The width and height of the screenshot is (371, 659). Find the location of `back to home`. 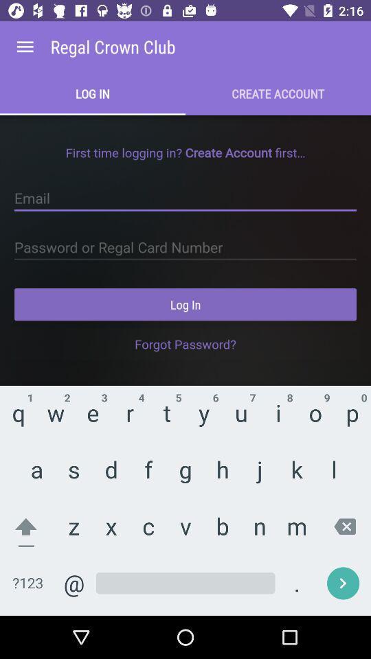

back to home is located at coordinates (25, 47).